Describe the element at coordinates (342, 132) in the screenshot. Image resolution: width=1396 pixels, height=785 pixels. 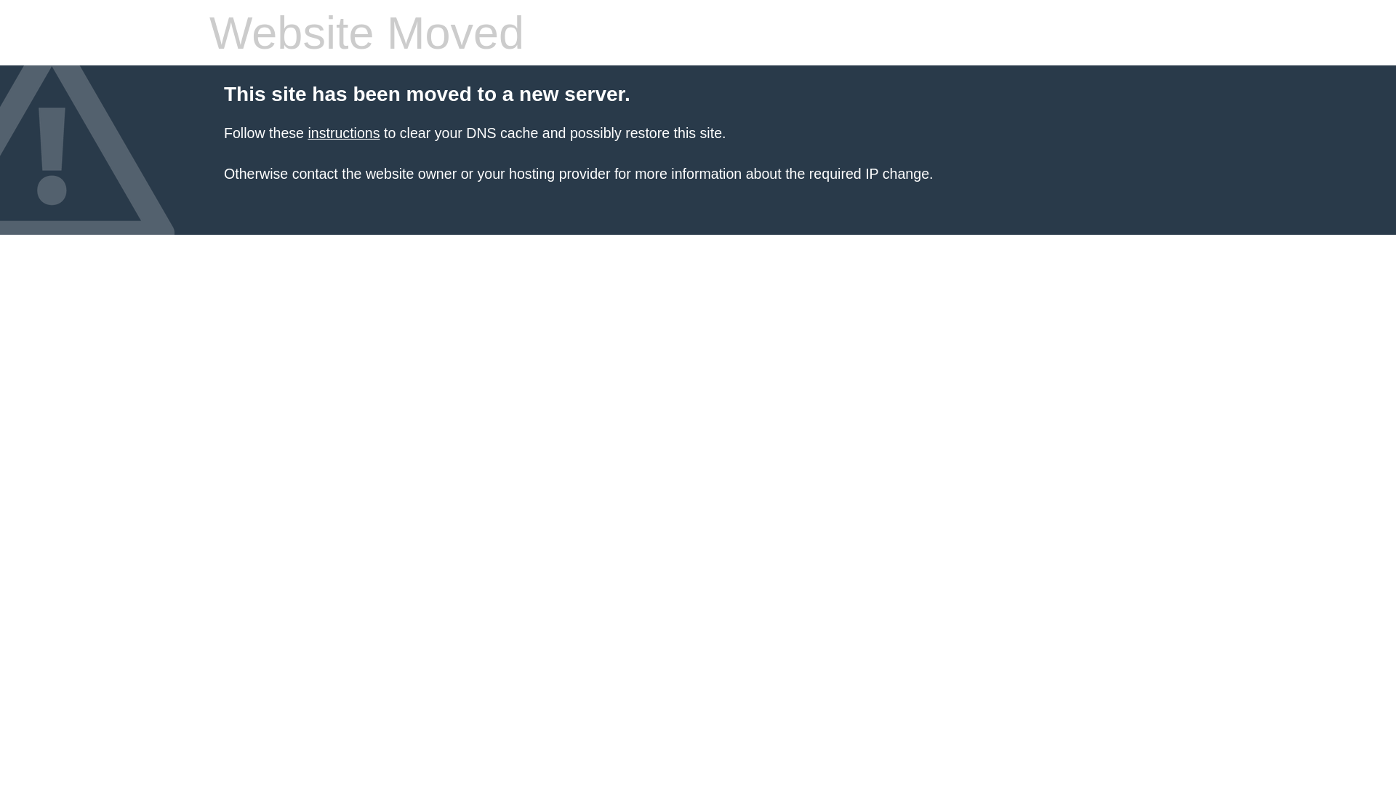
I see `'instructions'` at that location.